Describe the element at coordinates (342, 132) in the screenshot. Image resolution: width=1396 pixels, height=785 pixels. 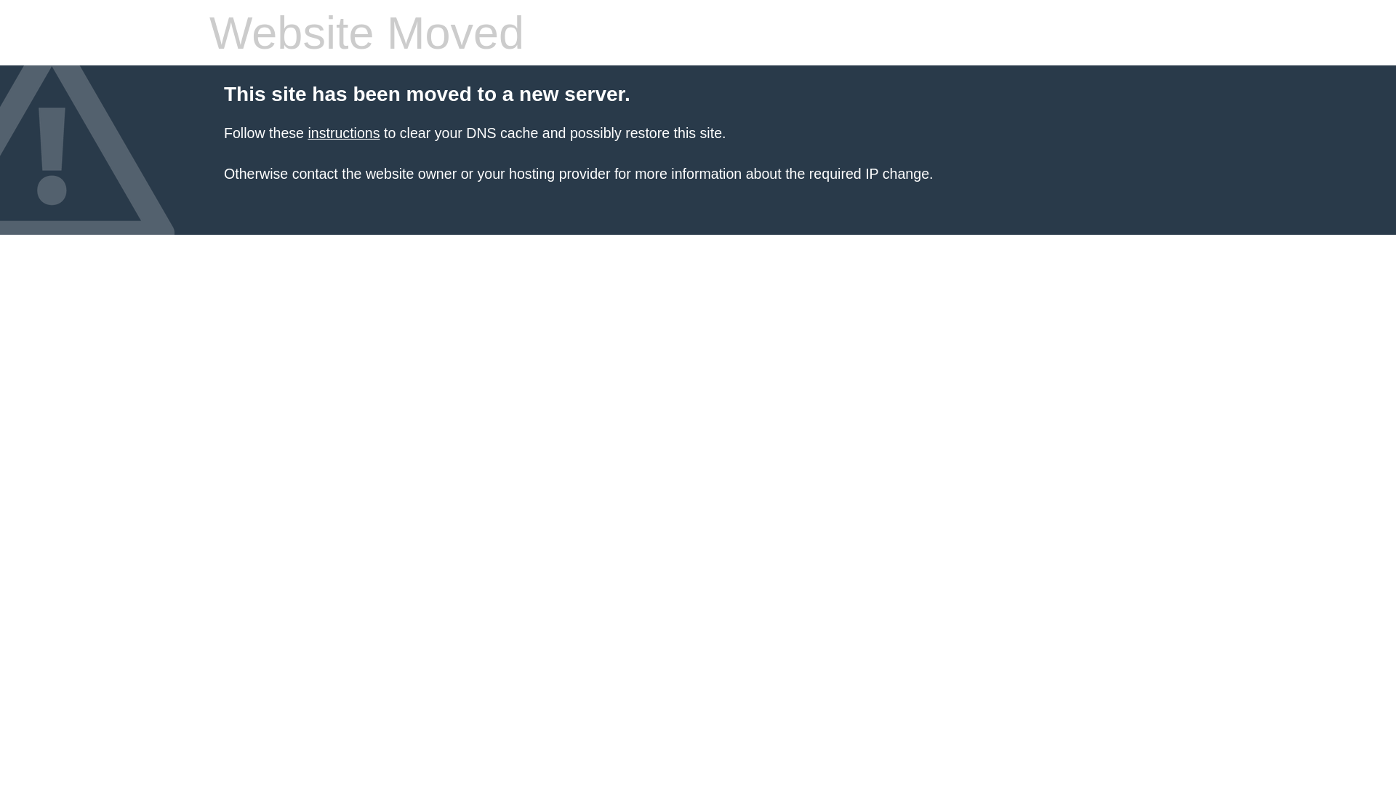
I see `'instructions'` at that location.